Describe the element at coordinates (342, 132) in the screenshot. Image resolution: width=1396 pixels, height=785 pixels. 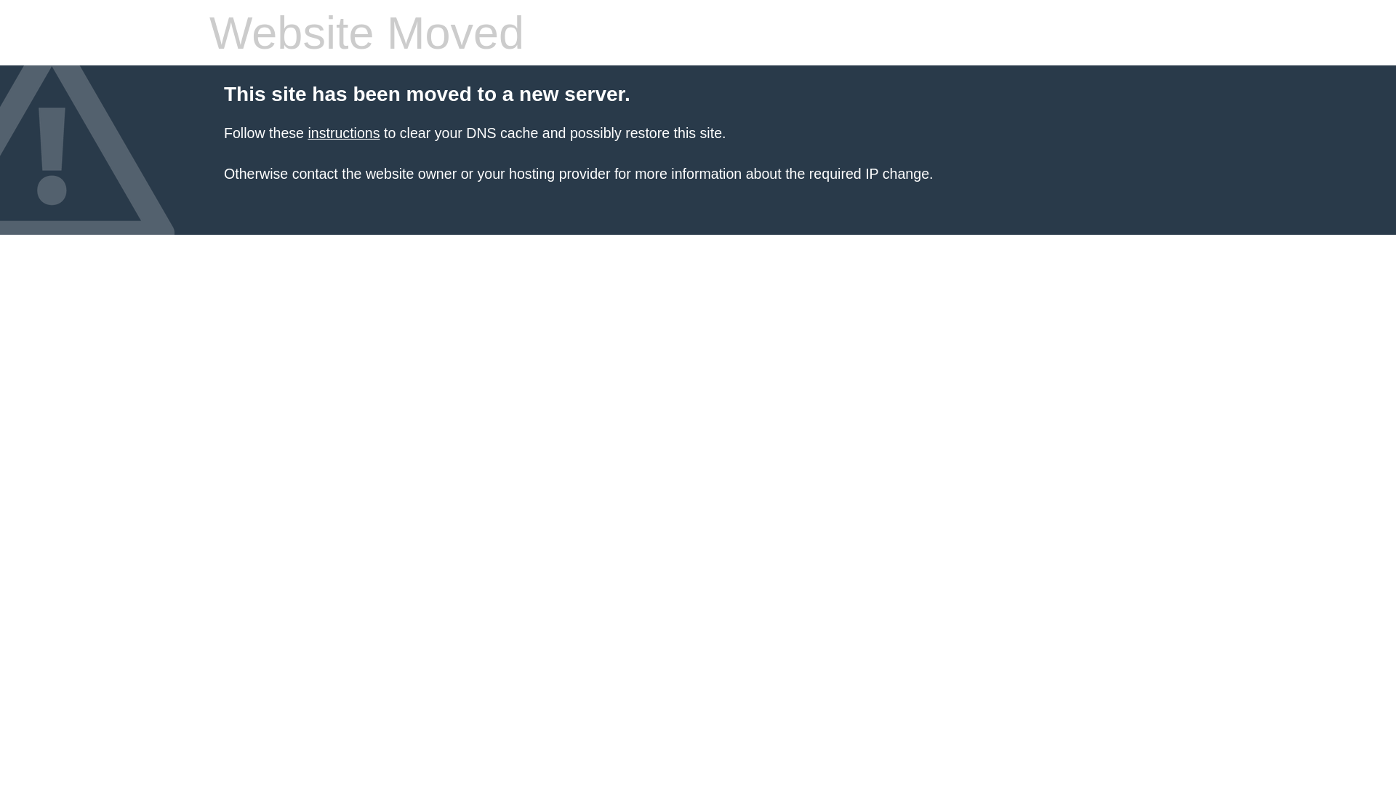
I see `'instructions'` at that location.